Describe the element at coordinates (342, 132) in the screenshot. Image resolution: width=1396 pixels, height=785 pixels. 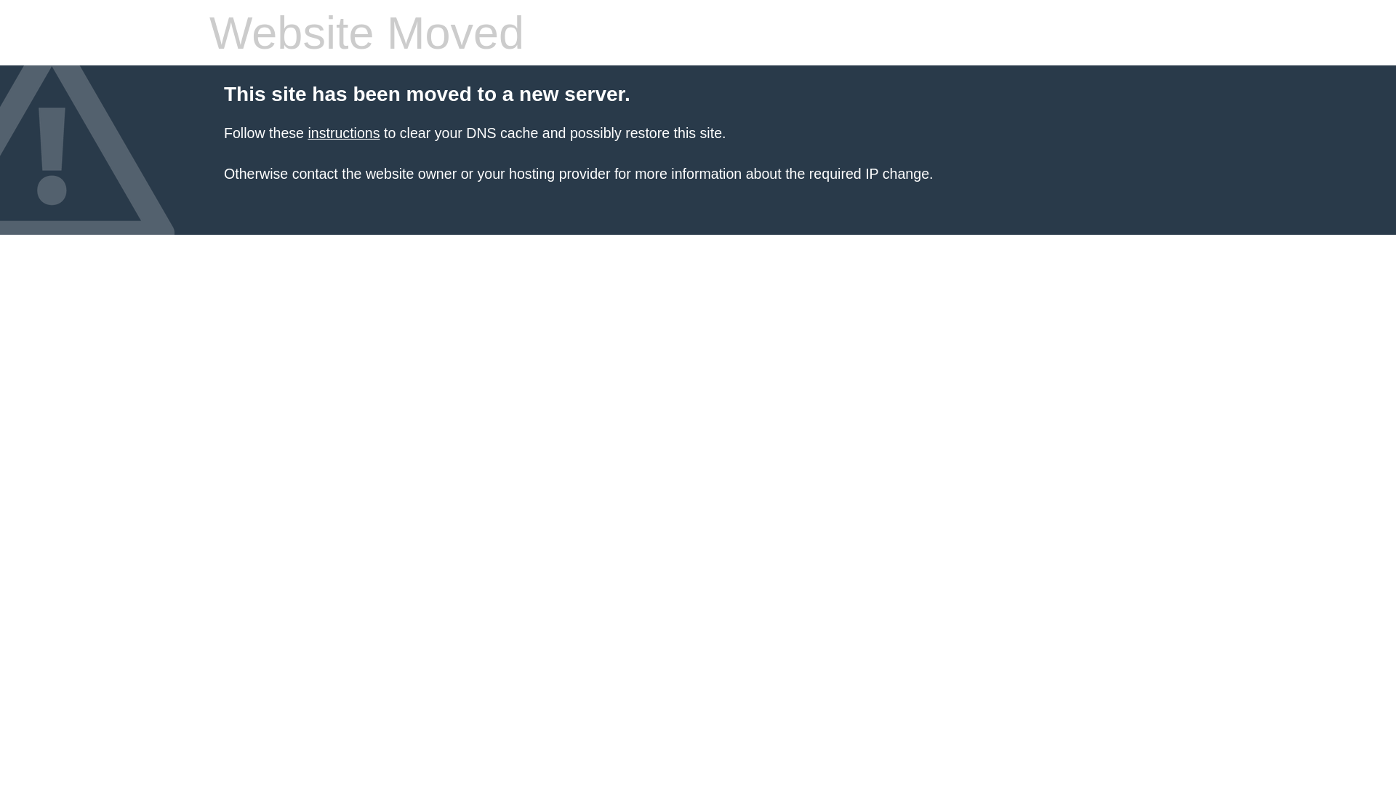
I see `'instructions'` at that location.